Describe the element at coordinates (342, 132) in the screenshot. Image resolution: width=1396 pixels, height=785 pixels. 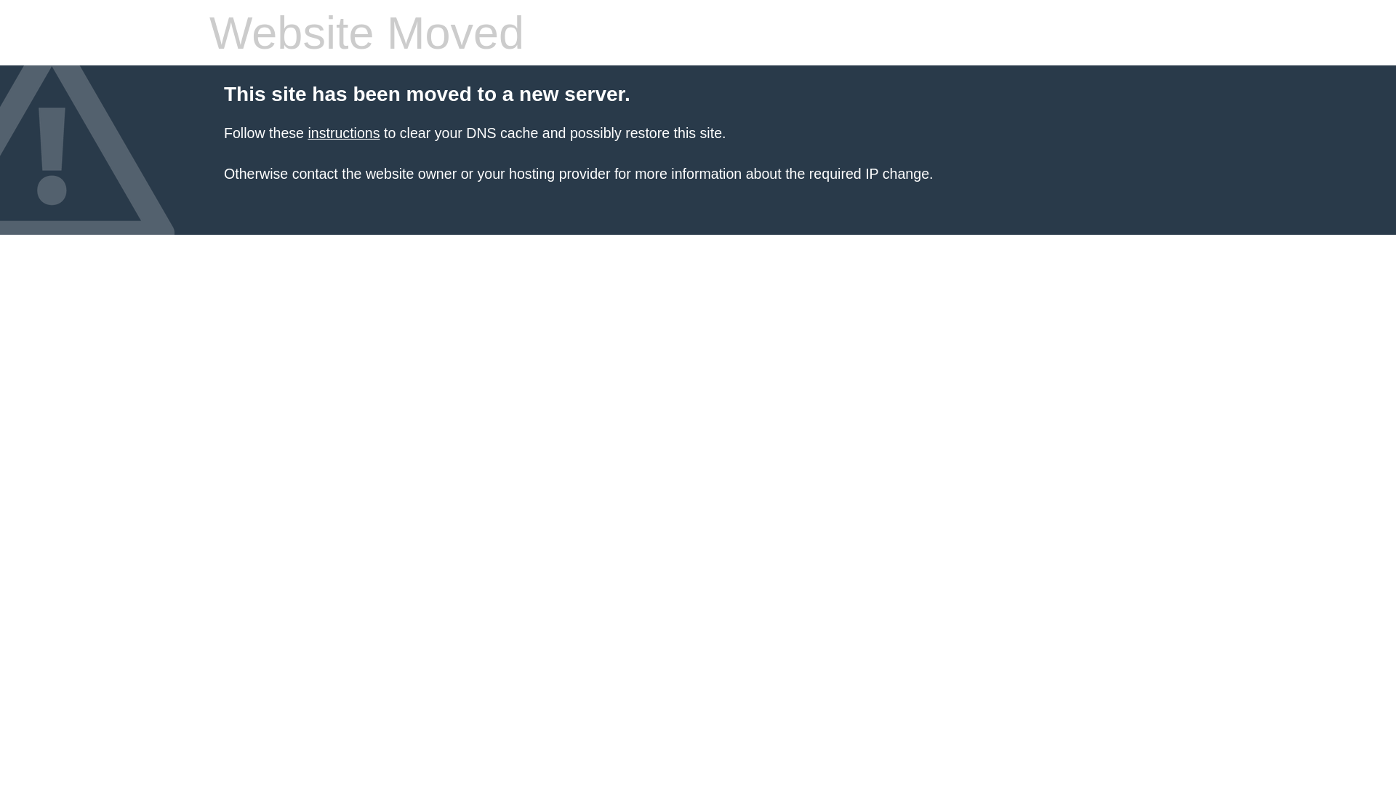
I see `'instructions'` at that location.